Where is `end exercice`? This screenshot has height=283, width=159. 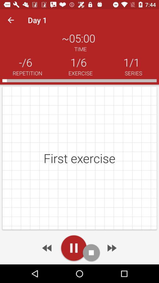
end exercice is located at coordinates (91, 252).